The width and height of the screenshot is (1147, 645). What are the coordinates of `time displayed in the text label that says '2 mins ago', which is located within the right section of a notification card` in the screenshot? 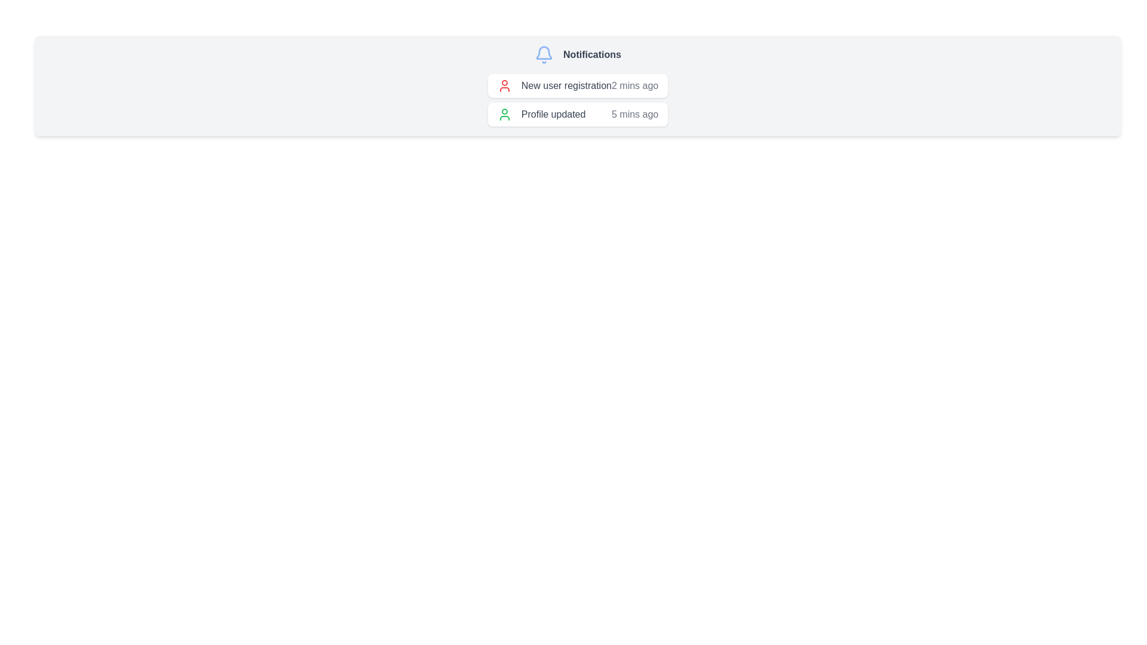 It's located at (634, 85).